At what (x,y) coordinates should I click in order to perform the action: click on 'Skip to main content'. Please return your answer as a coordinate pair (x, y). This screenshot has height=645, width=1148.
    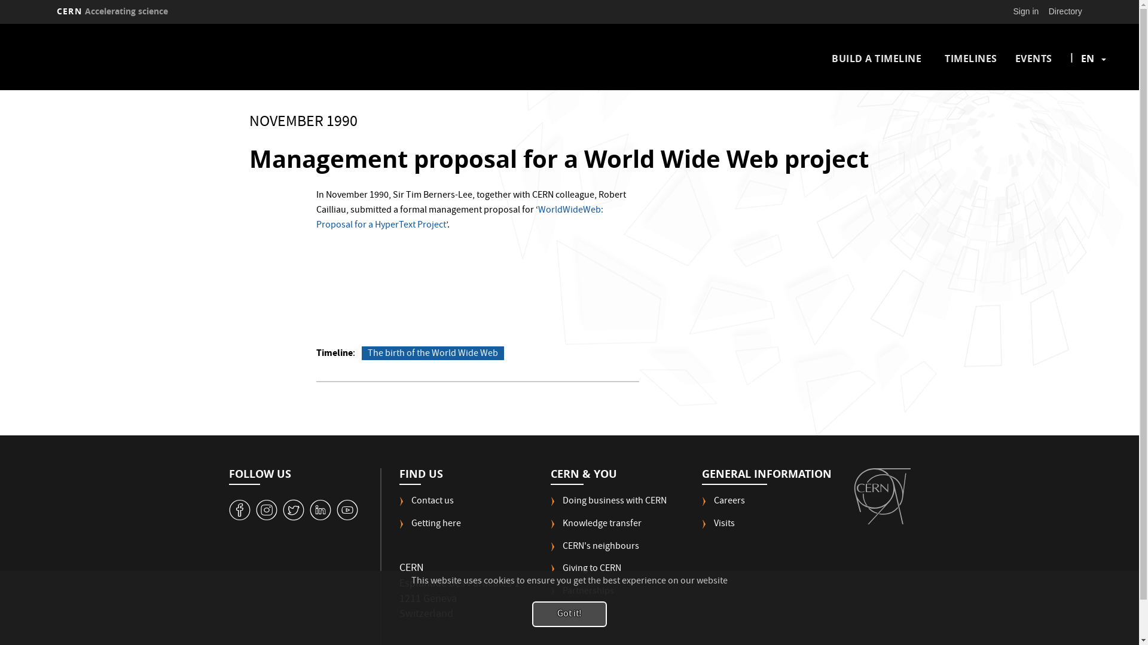
    Looking at the image, I should click on (0, 24).